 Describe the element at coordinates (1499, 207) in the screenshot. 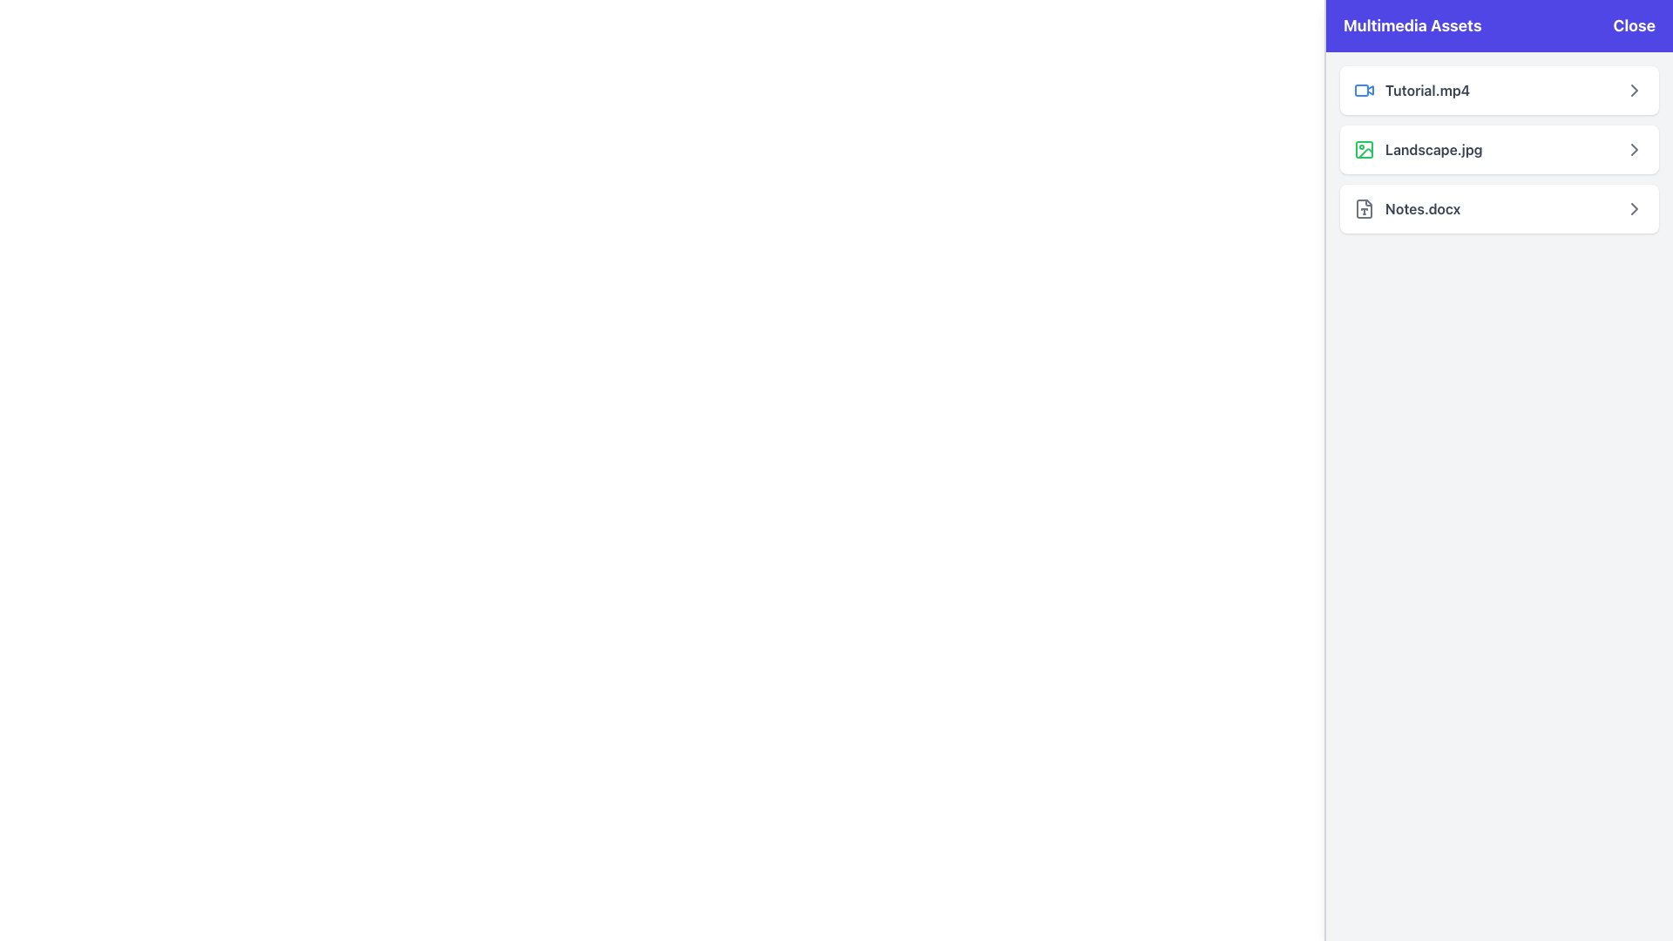

I see `the selectable file list item named 'Notes.docx'` at that location.